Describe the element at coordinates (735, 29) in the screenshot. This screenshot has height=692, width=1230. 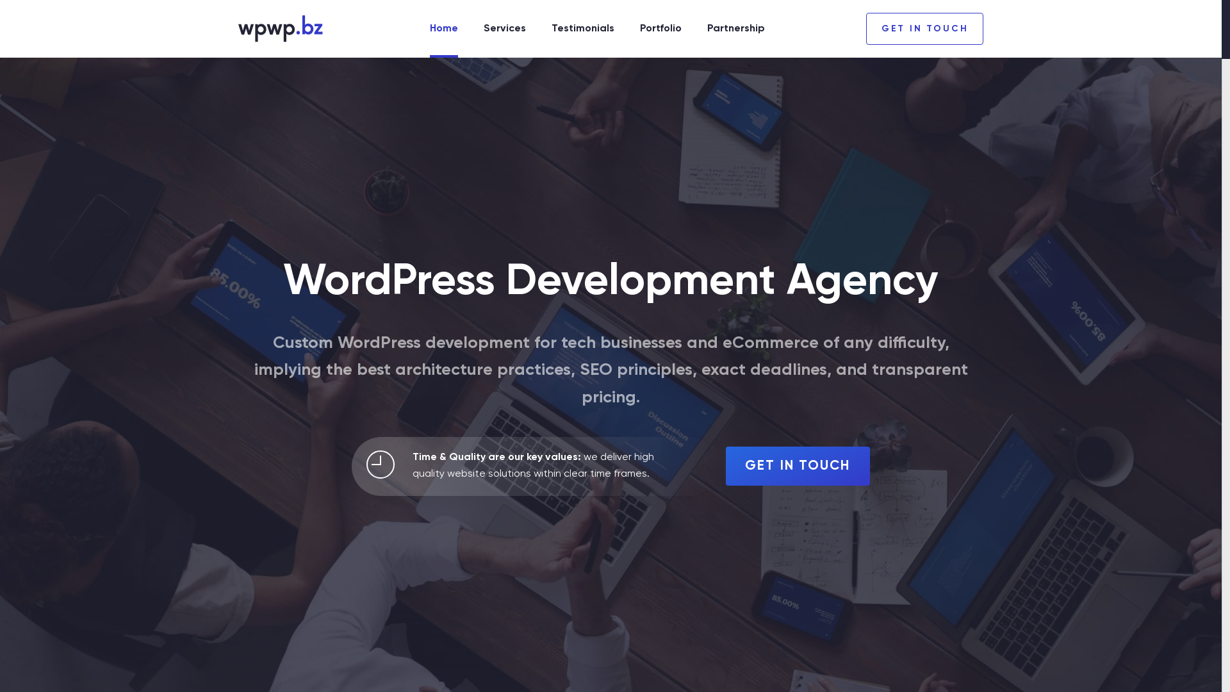
I see `'Partnership'` at that location.